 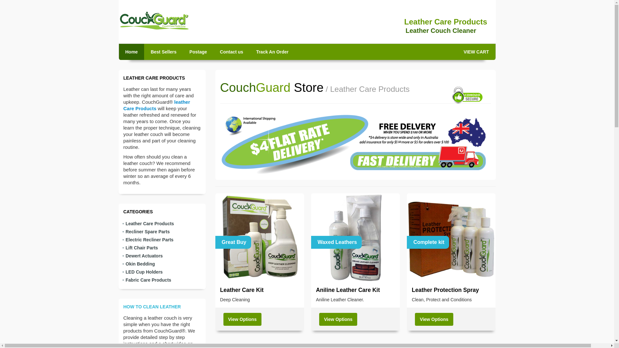 What do you see at coordinates (405, 31) in the screenshot?
I see `'Leather Couch Cleaner'` at bounding box center [405, 31].